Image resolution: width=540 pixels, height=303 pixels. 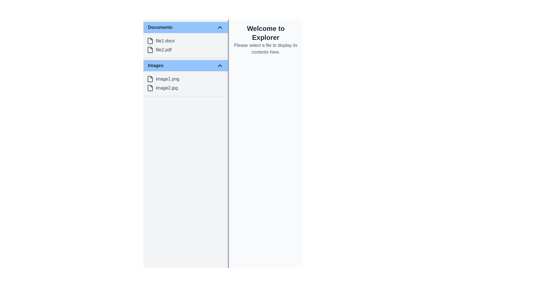 I want to click on the 'Documents' text label, which serves as a title for the section listing document files, so click(x=160, y=27).